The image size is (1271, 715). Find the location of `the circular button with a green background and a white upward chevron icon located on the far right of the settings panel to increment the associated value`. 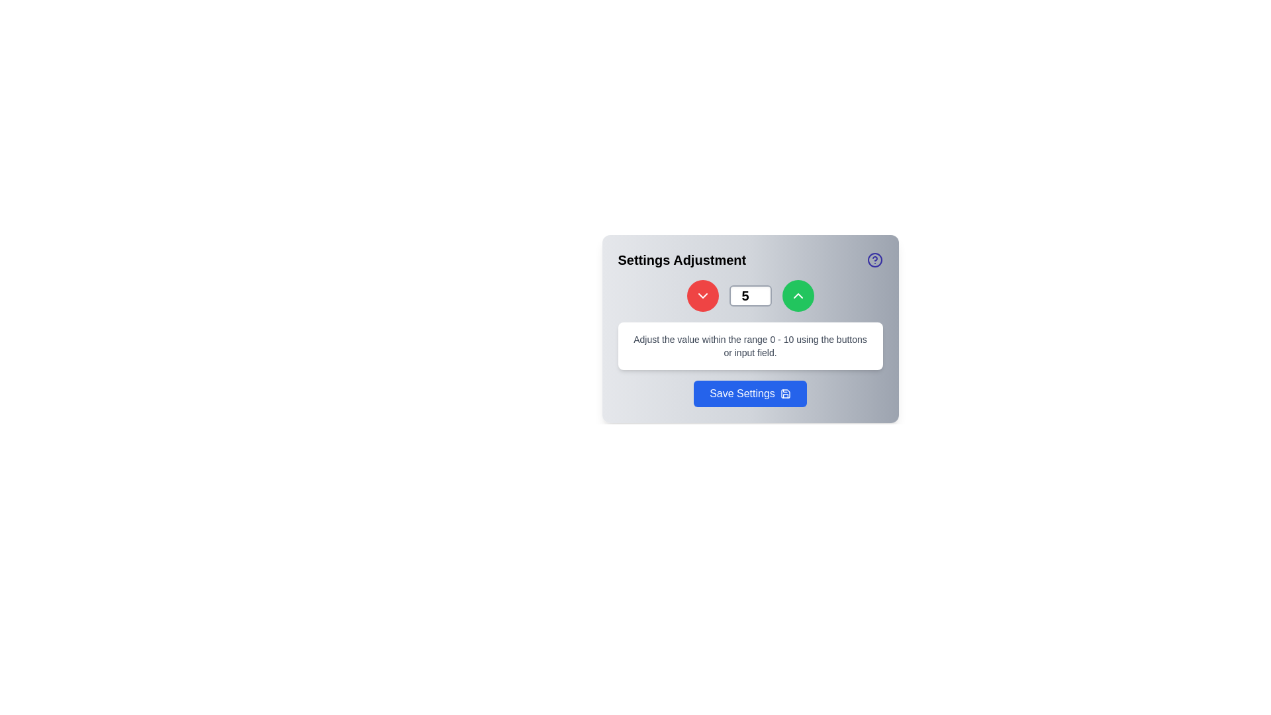

the circular button with a green background and a white upward chevron icon located on the far right of the settings panel to increment the associated value is located at coordinates (797, 295).